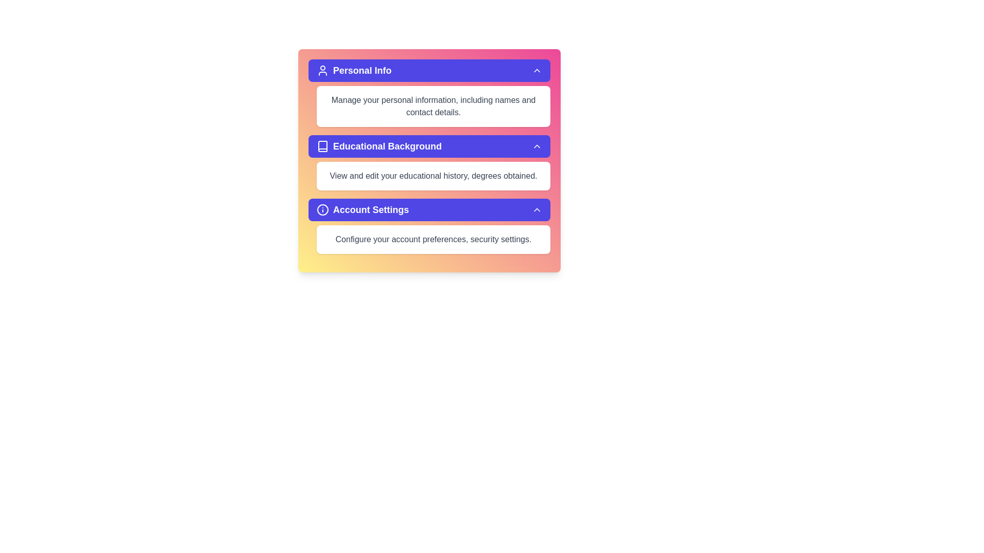 The width and height of the screenshot is (984, 553). What do you see at coordinates (322, 70) in the screenshot?
I see `the icon of the section labeled Personal Info` at bounding box center [322, 70].